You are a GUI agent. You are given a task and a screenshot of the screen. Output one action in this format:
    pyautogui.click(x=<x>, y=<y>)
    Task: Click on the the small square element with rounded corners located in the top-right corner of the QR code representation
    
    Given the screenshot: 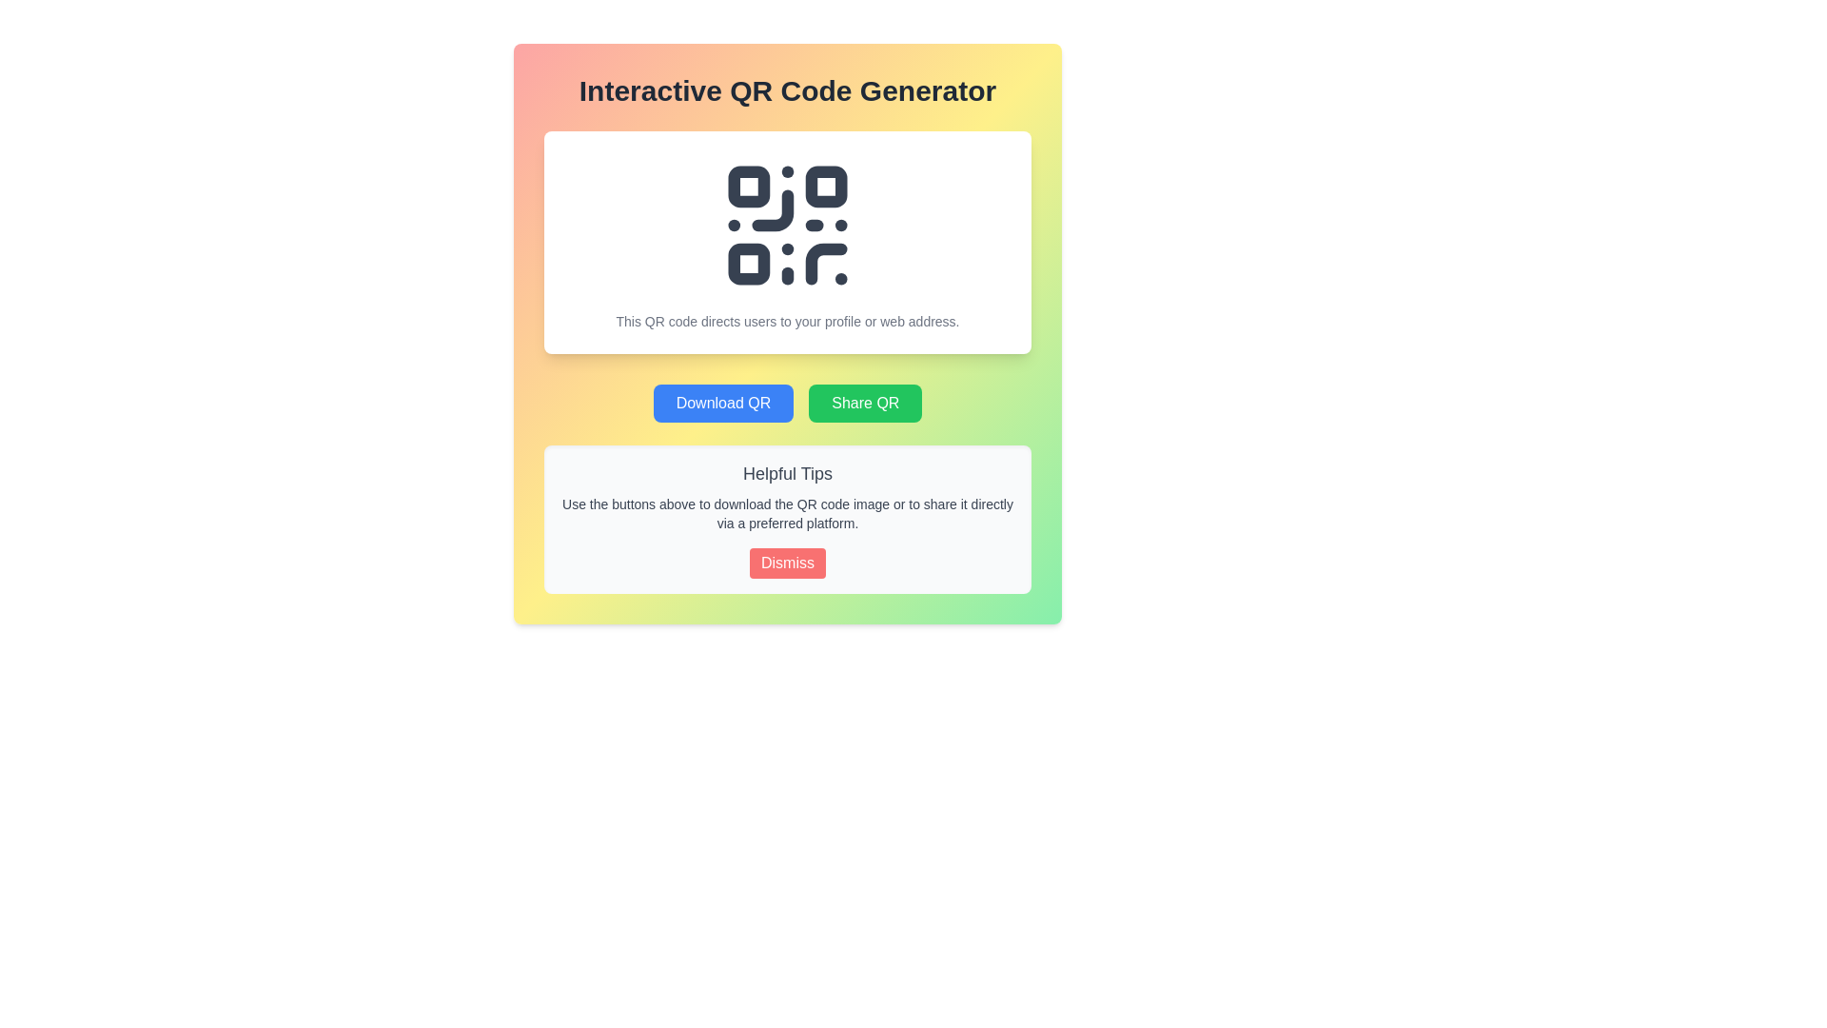 What is the action you would take?
    pyautogui.click(x=826, y=187)
    